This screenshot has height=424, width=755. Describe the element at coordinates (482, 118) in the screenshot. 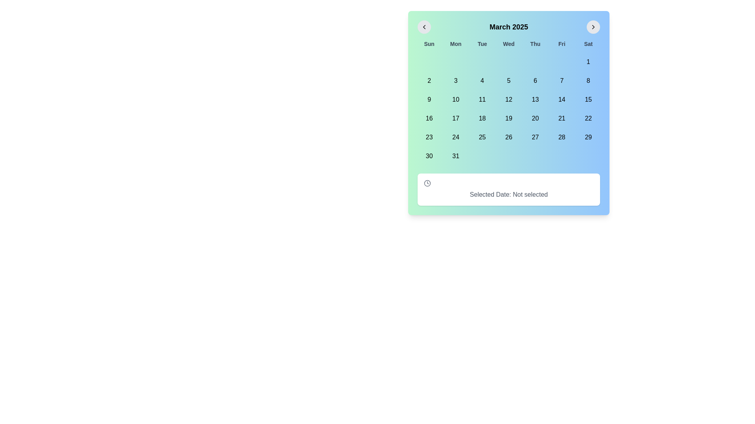

I see `the button displaying the number '18' in bold black text, located in the fourth row and third column of the calendar grid` at that location.